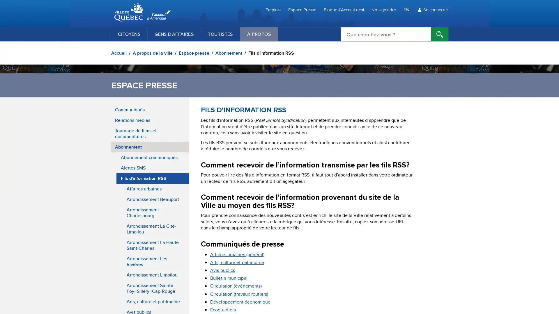 This screenshot has height=314, width=559. Describe the element at coordinates (440, 34) in the screenshot. I see `Rechercher` at that location.